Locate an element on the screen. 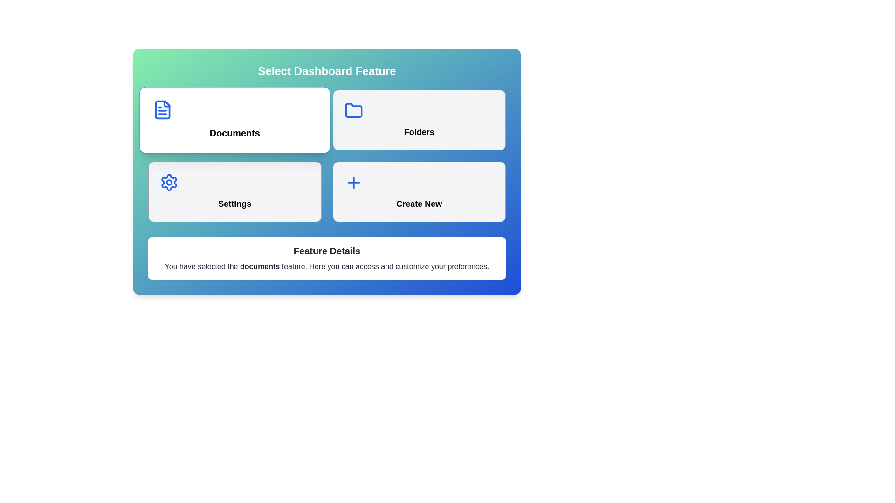  the 'Settings' icon located in the upper-left area of the 'Settings' card is located at coordinates (169, 183).